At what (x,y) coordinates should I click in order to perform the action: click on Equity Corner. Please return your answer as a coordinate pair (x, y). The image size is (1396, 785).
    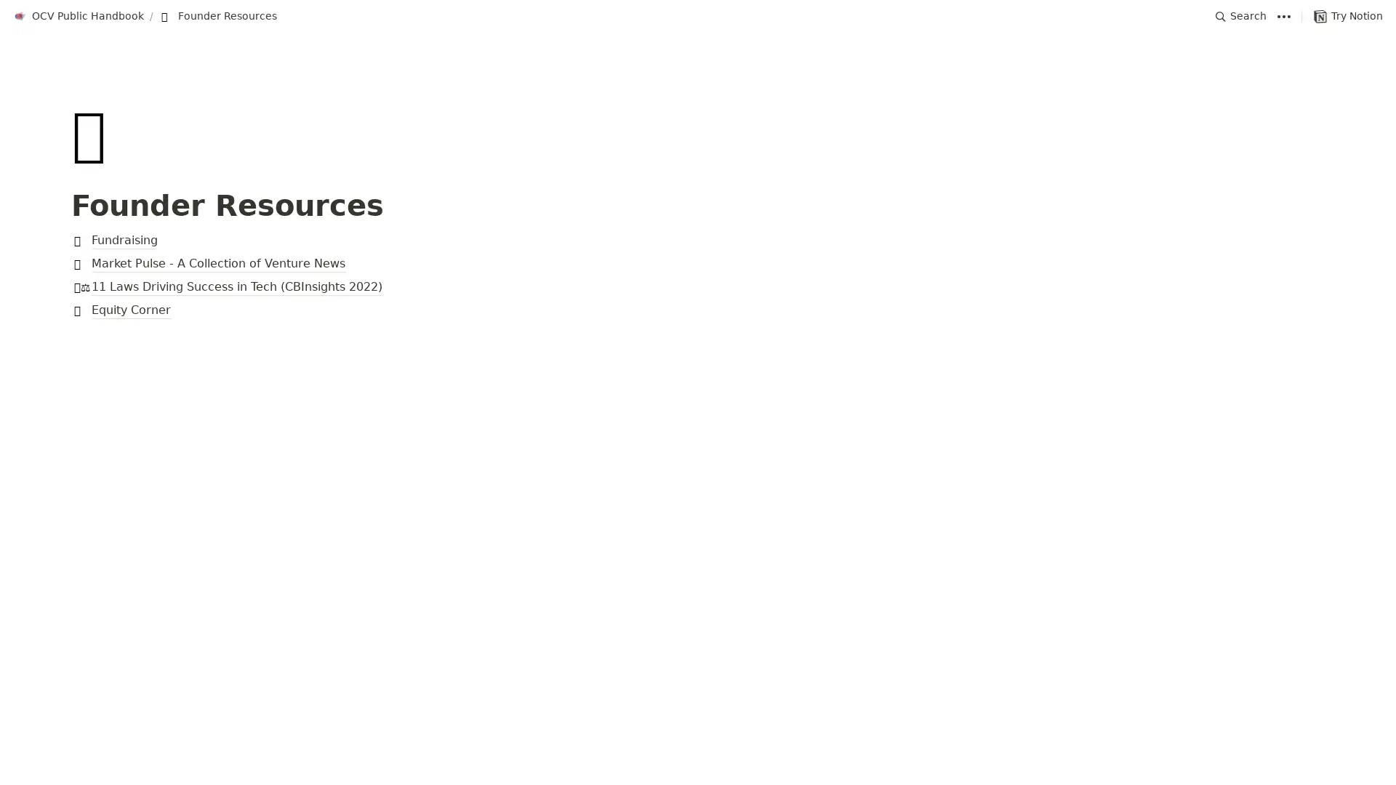
    Looking at the image, I should click on (698, 310).